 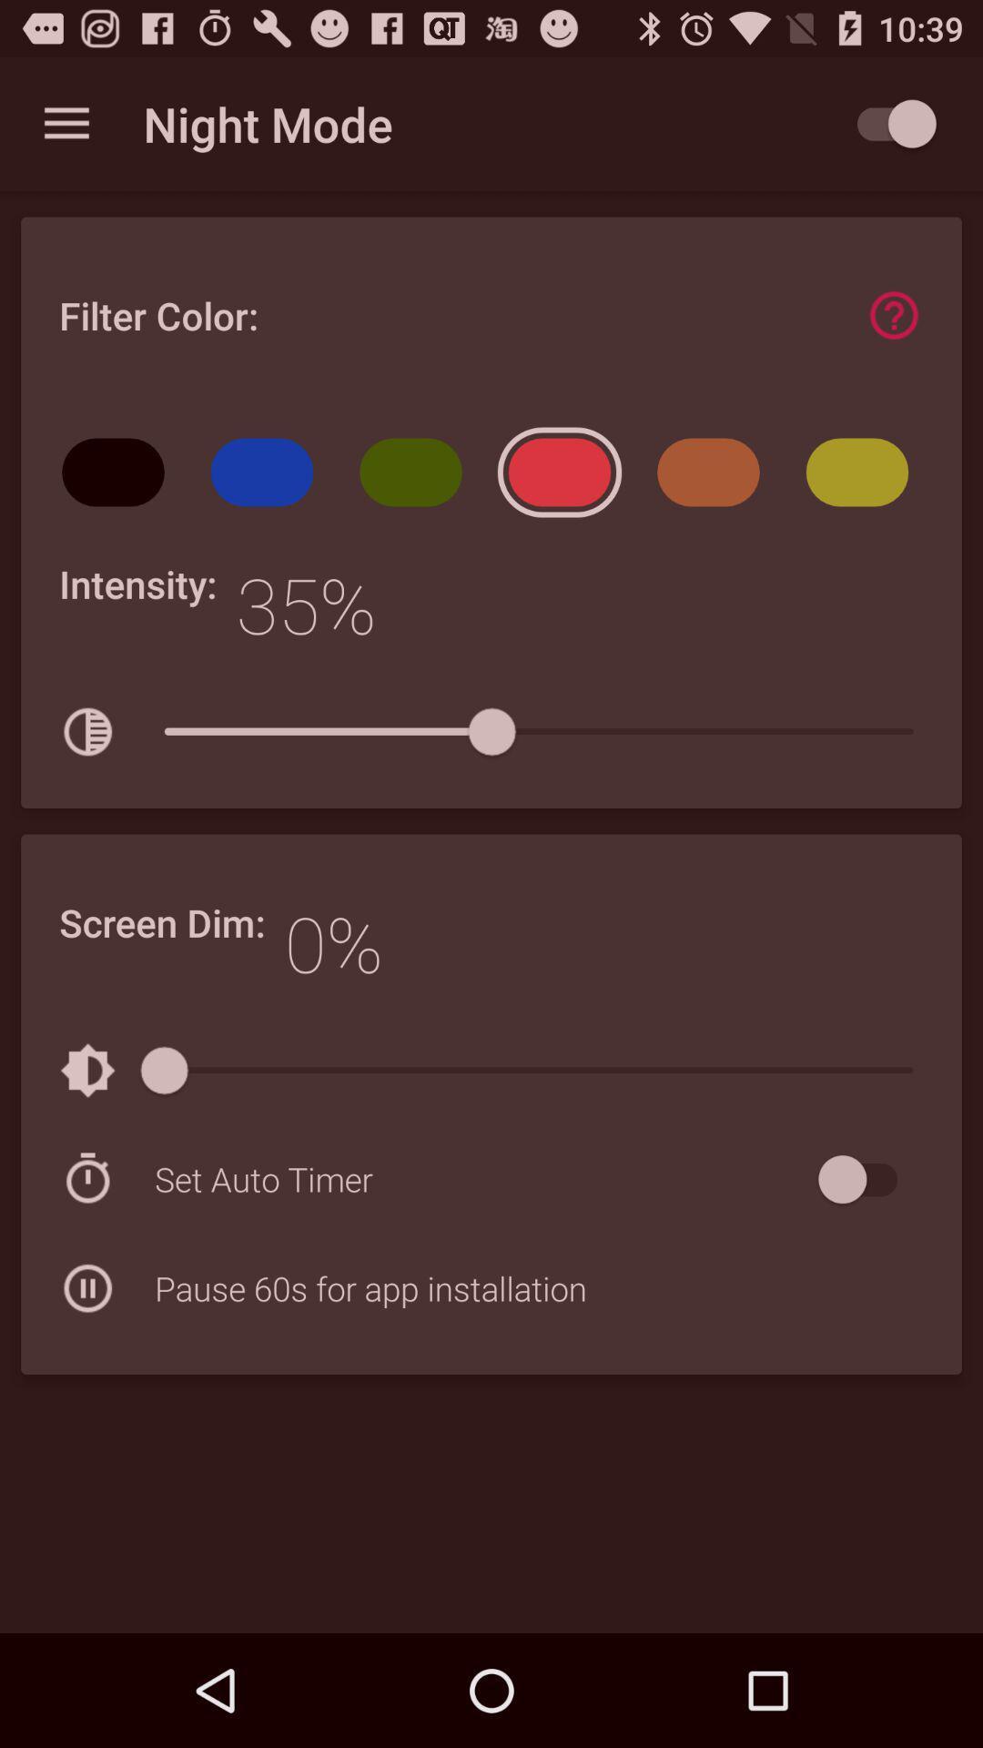 I want to click on set auto timer, so click(x=481, y=1179).